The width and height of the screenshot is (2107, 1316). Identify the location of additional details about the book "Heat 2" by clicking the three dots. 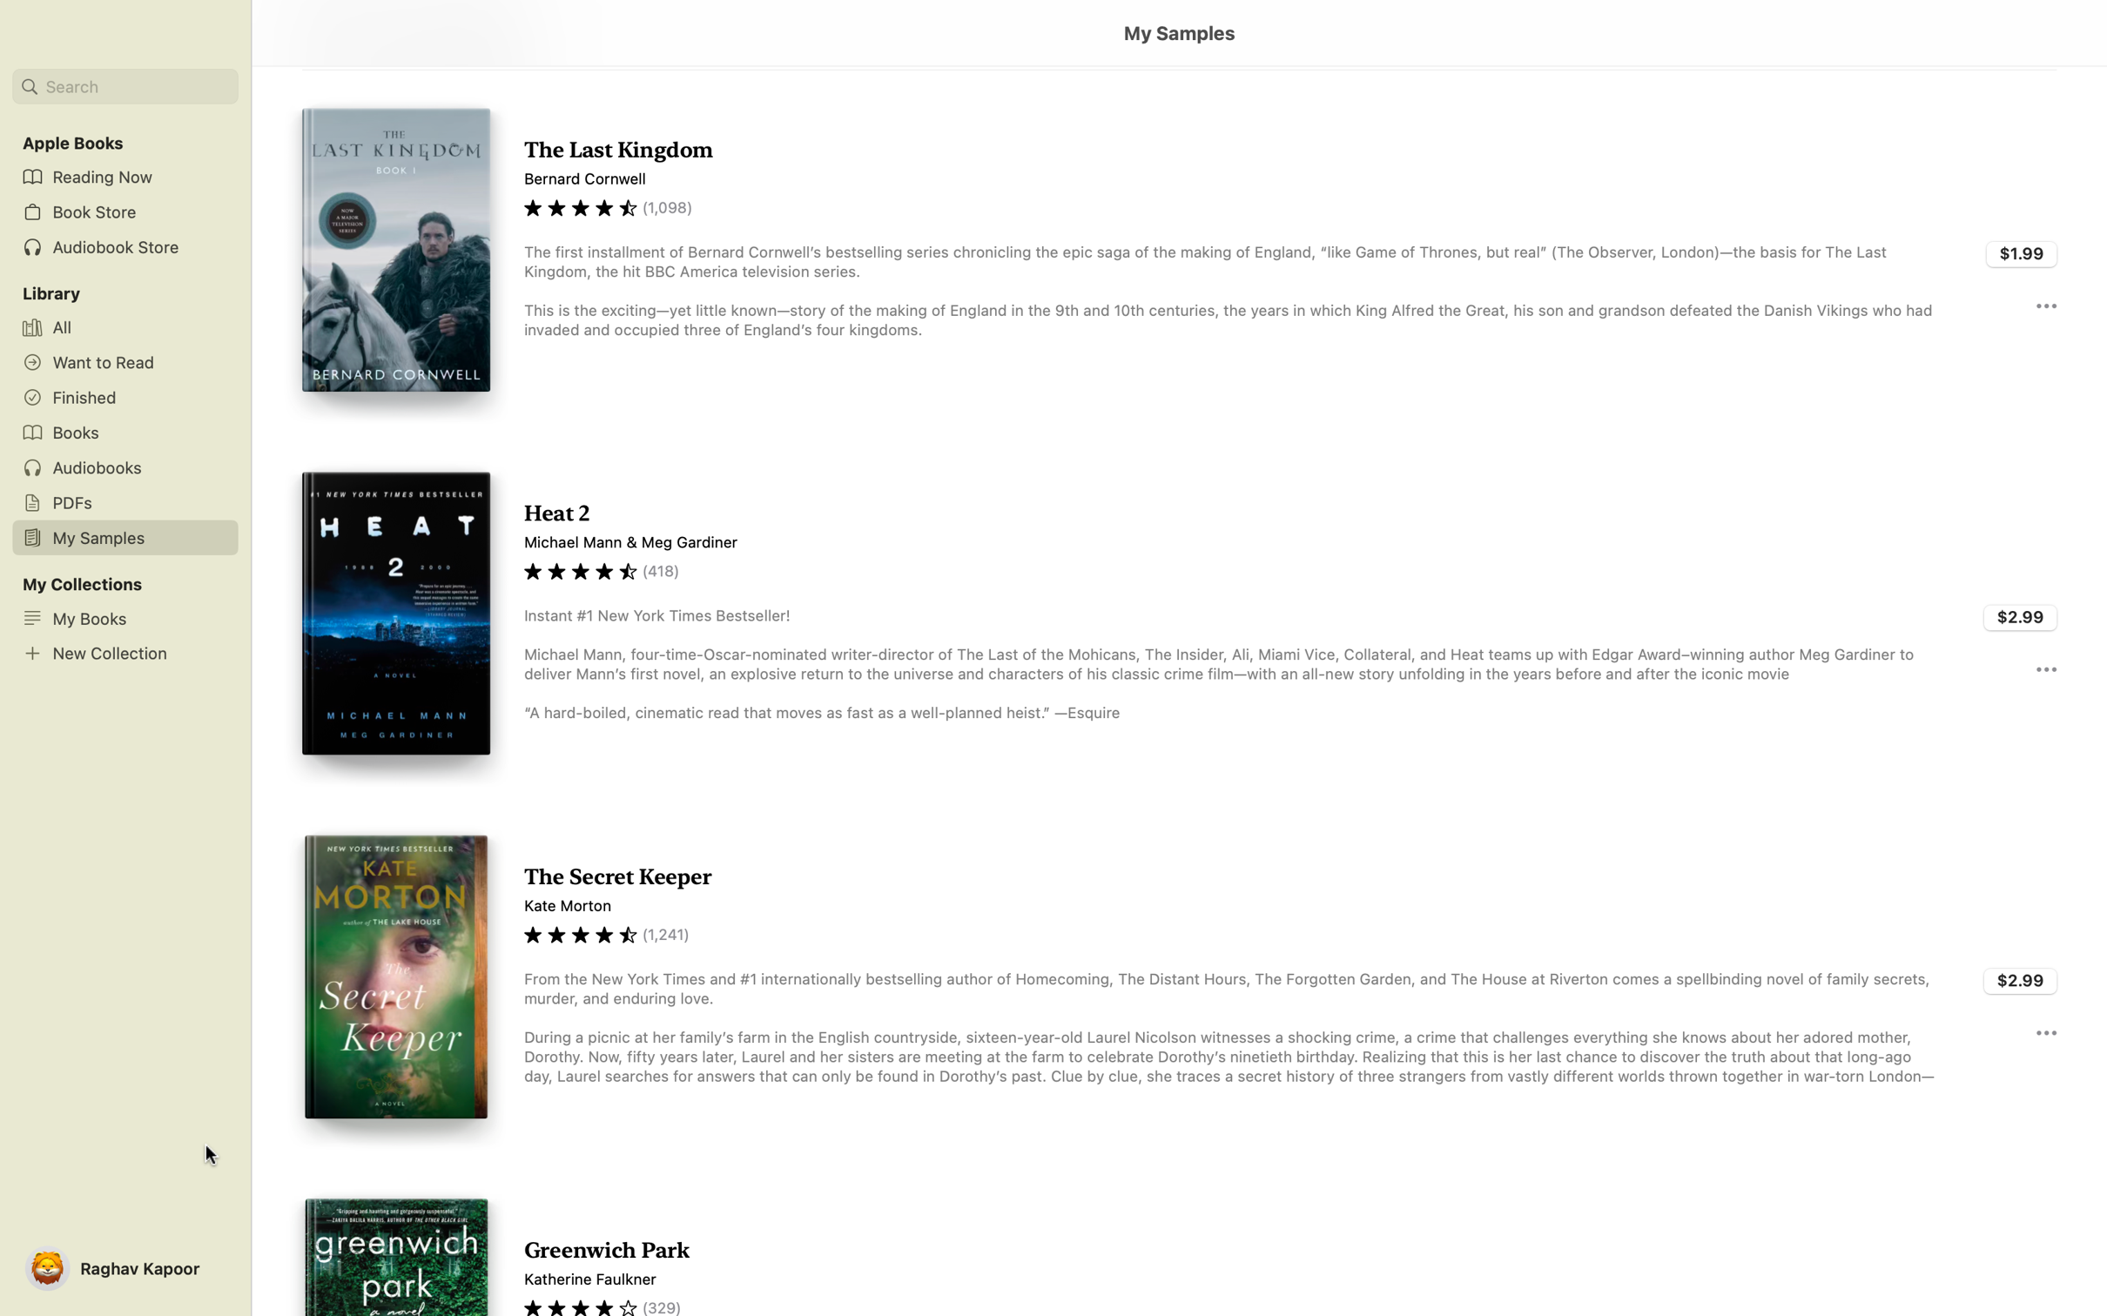
(2045, 668).